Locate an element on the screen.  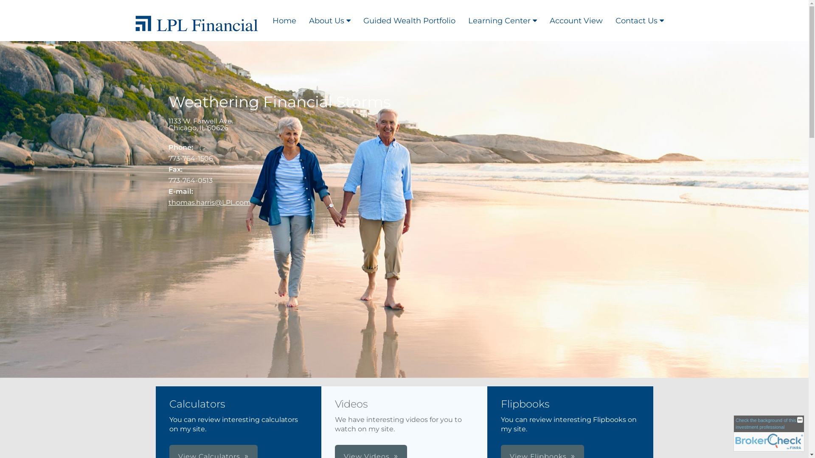
'Check the background of this investment professional' is located at coordinates (769, 433).